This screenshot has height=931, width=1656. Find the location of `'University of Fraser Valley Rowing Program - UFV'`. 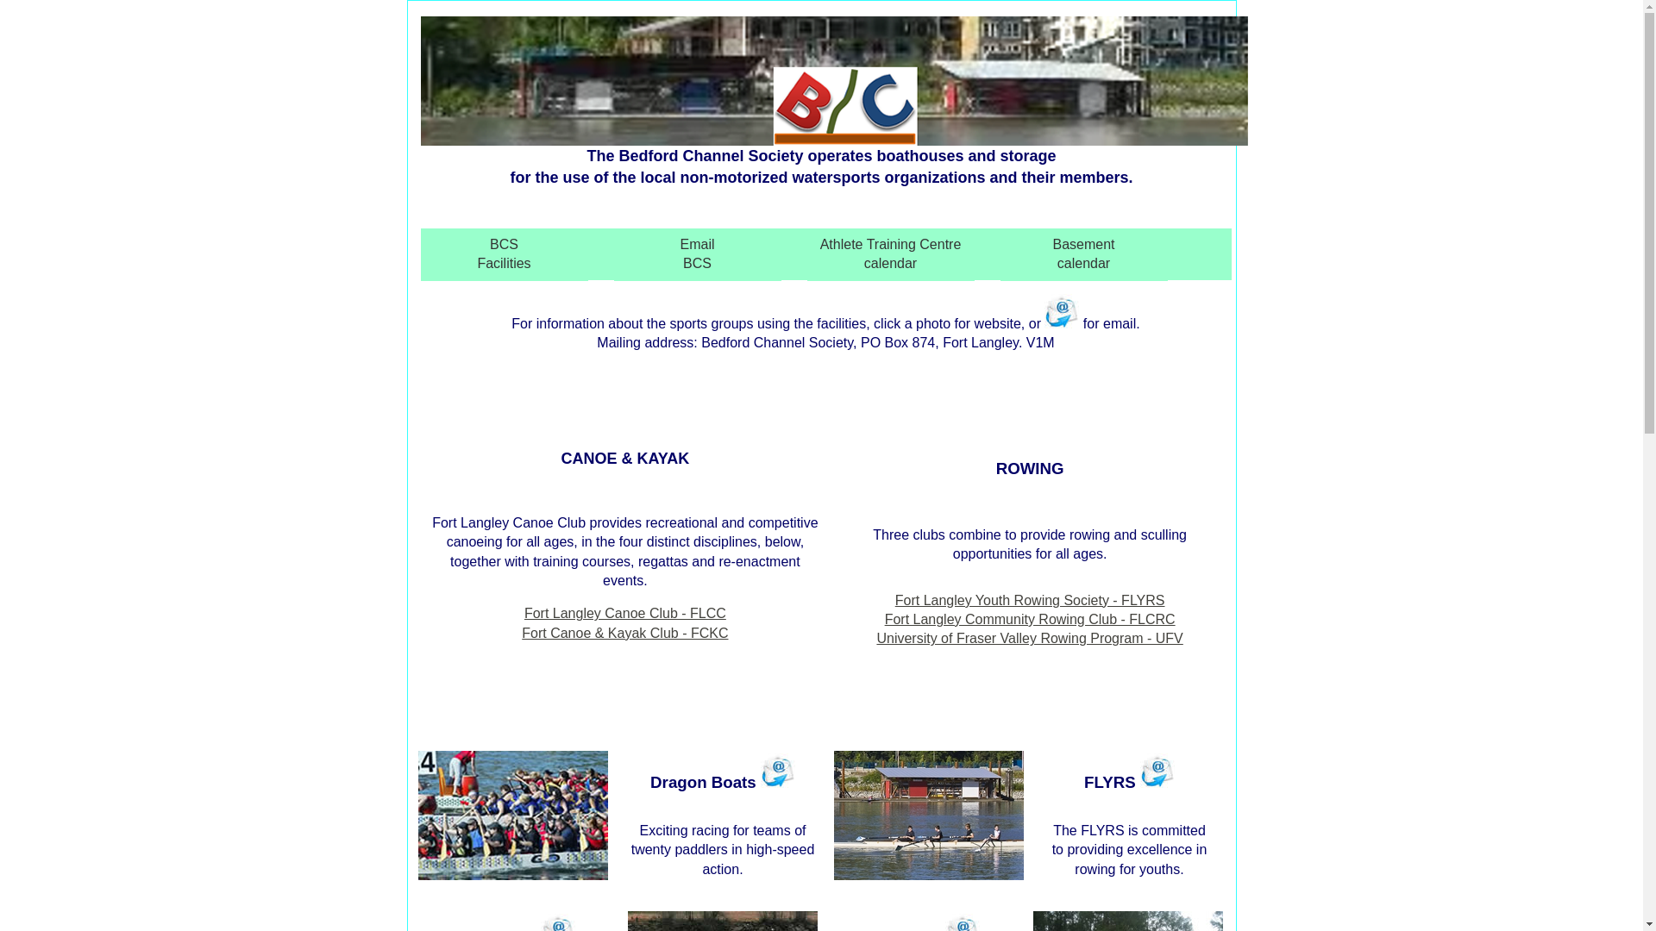

'University of Fraser Valley Rowing Program - UFV' is located at coordinates (1029, 638).